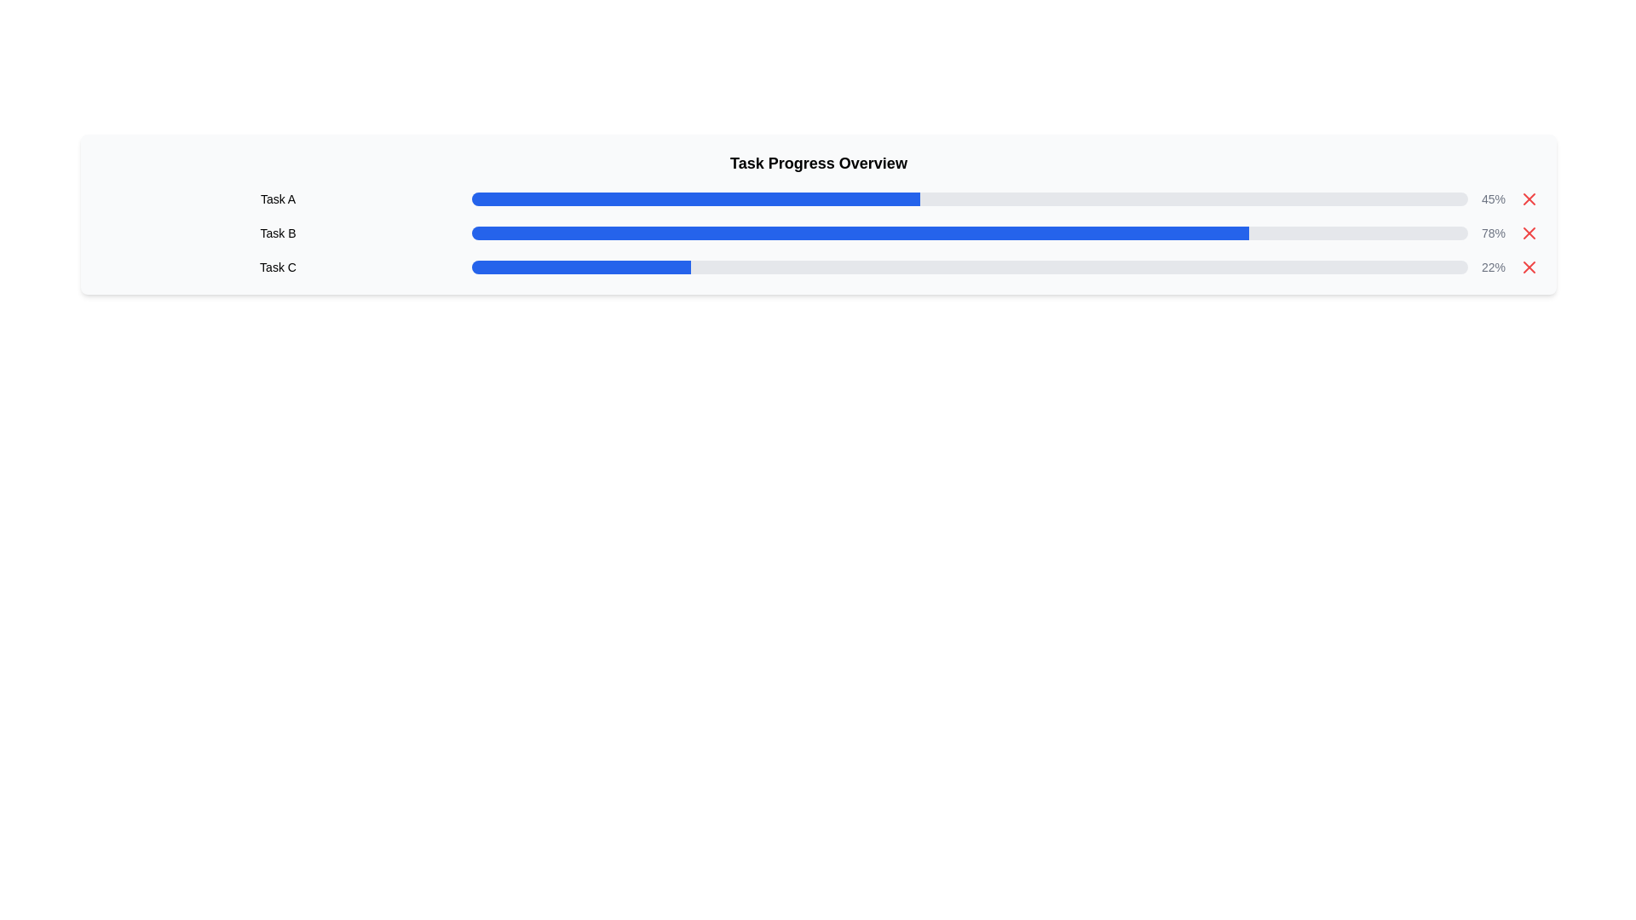 This screenshot has height=920, width=1636. I want to click on the progress bar representing 'Task A' to use the information presented regarding its completion status, so click(818, 198).